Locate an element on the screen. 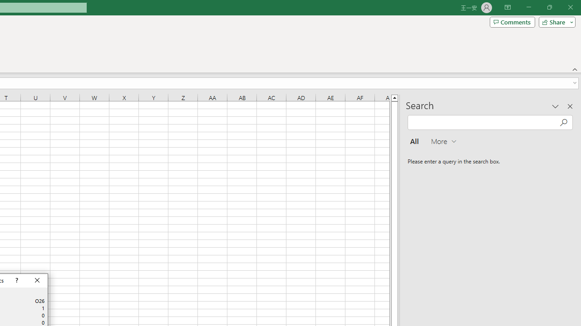 The height and width of the screenshot is (326, 581). 'Line up' is located at coordinates (394, 97).